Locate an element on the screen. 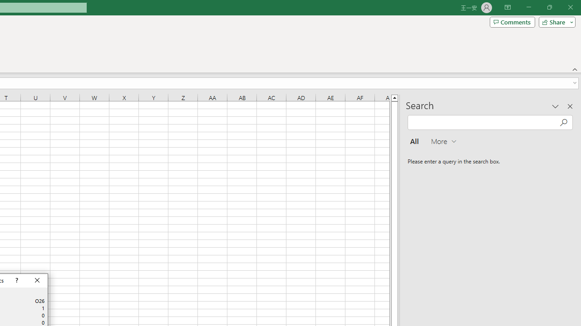 The height and width of the screenshot is (326, 581). 'Line up' is located at coordinates (394, 97).